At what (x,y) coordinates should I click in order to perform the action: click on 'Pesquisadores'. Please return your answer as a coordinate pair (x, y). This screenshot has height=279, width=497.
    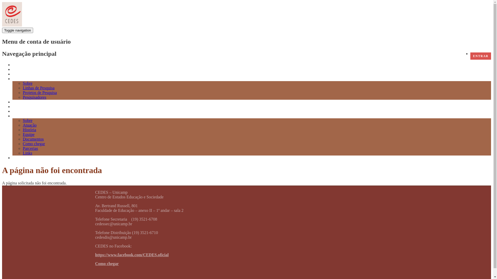
    Looking at the image, I should click on (34, 97).